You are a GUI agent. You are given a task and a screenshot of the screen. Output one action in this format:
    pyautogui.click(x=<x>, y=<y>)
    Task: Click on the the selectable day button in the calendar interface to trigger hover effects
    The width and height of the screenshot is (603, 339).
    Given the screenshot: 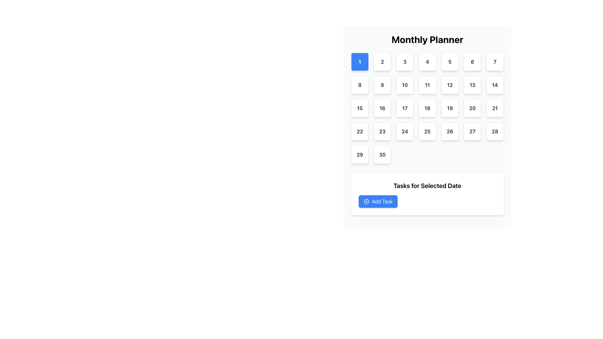 What is the action you would take?
    pyautogui.click(x=382, y=155)
    